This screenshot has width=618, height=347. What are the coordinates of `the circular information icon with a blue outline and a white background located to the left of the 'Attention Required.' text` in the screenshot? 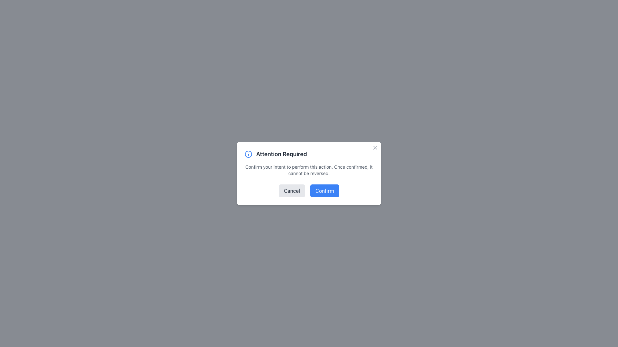 It's located at (248, 154).